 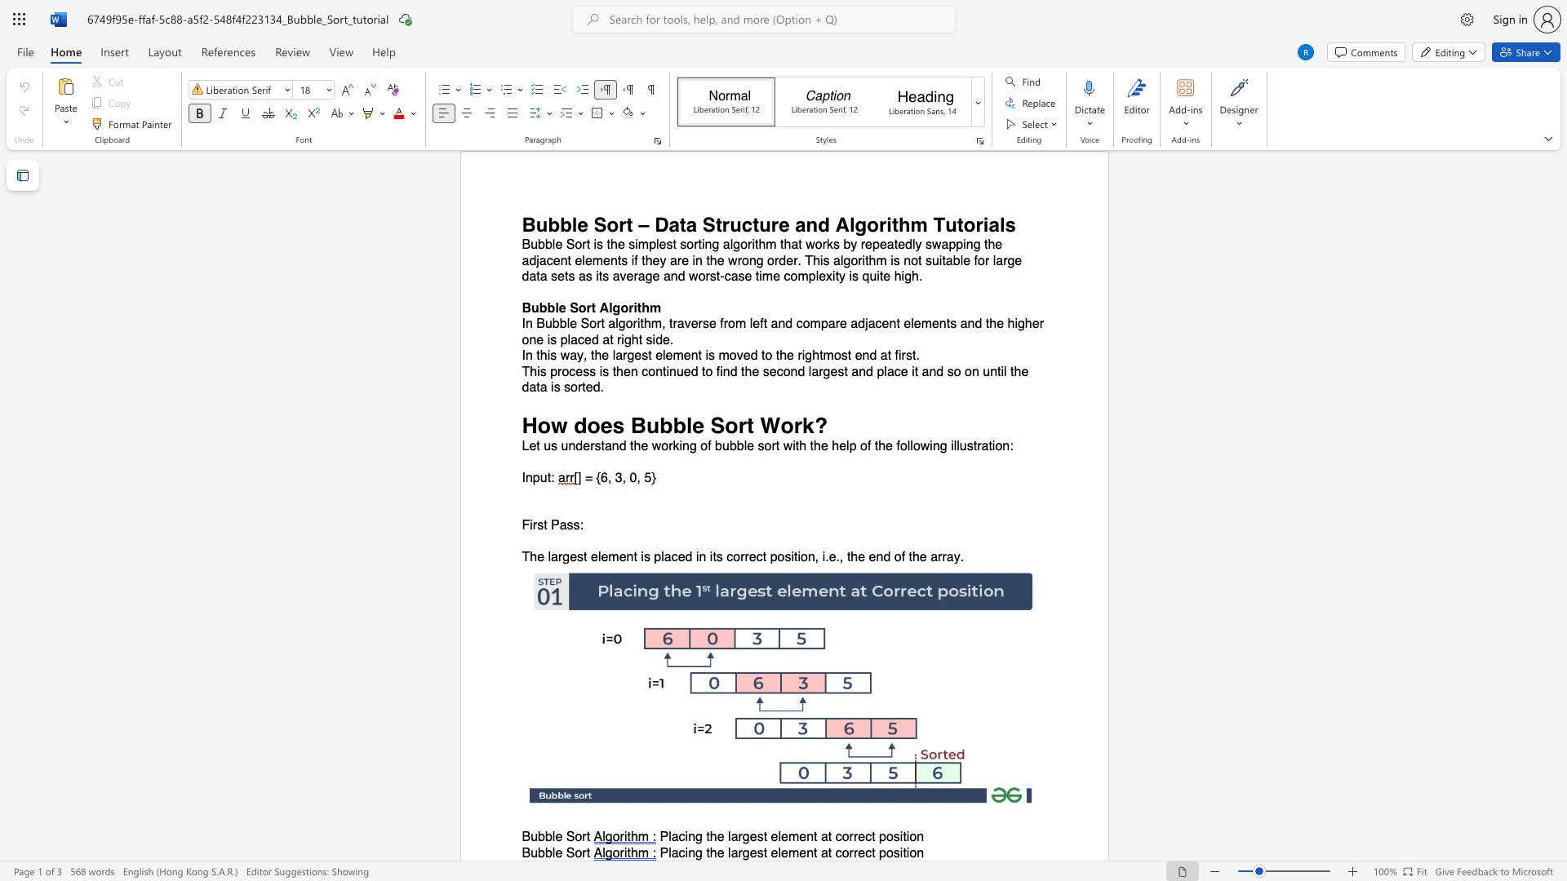 What do you see at coordinates (849, 852) in the screenshot?
I see `the subset text "rrect position" within the text "Placing the largest element at correct position"` at bounding box center [849, 852].